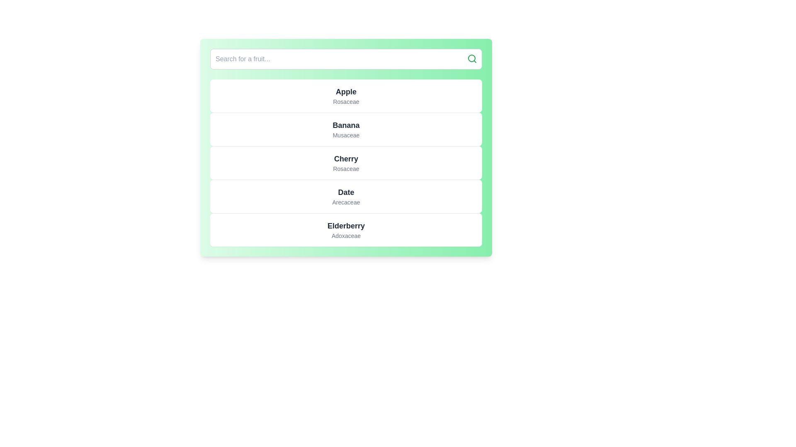 Image resolution: width=796 pixels, height=447 pixels. I want to click on the static text label representing 'Elderberry' located in the fifth row of the list, positioned above the caption 'Adoxaceae', so click(346, 226).